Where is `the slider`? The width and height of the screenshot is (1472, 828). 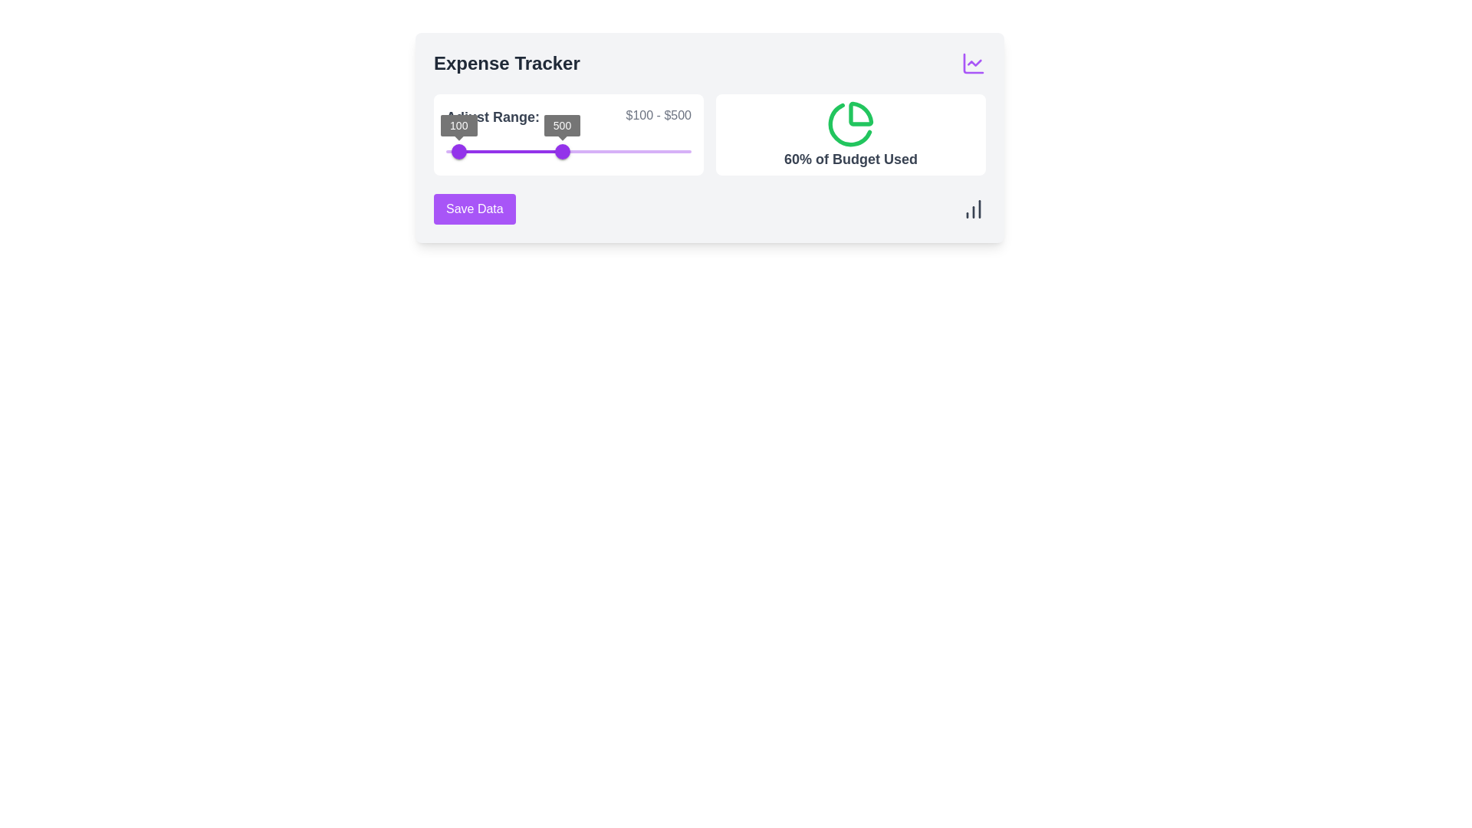
the slider is located at coordinates (612, 151).